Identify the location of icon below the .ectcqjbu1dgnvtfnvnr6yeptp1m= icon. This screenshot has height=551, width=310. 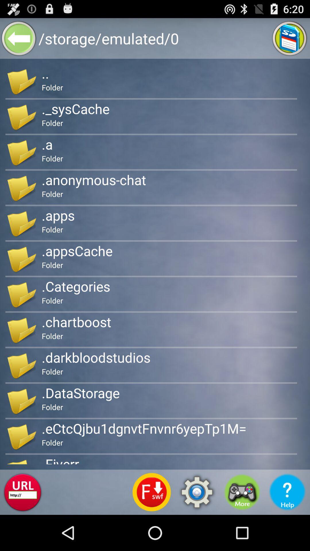
(242, 492).